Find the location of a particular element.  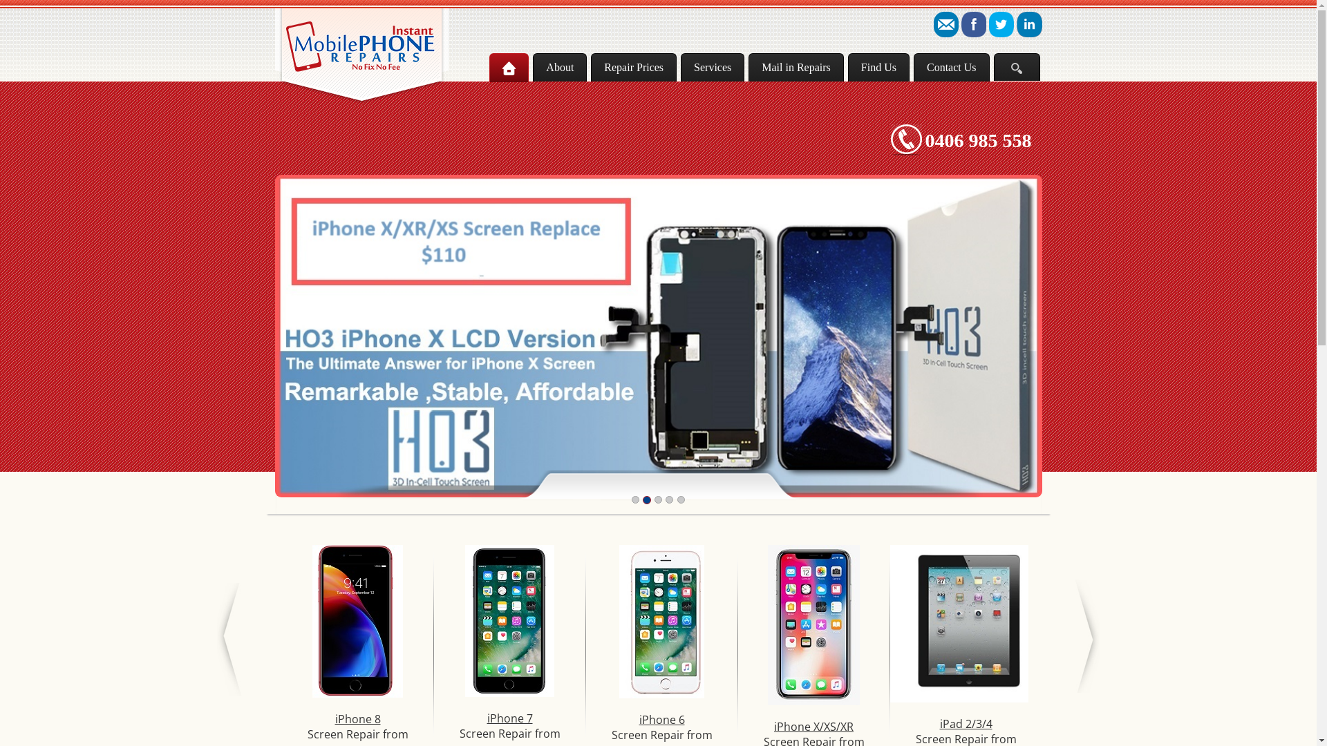

'Services' is located at coordinates (713, 67).